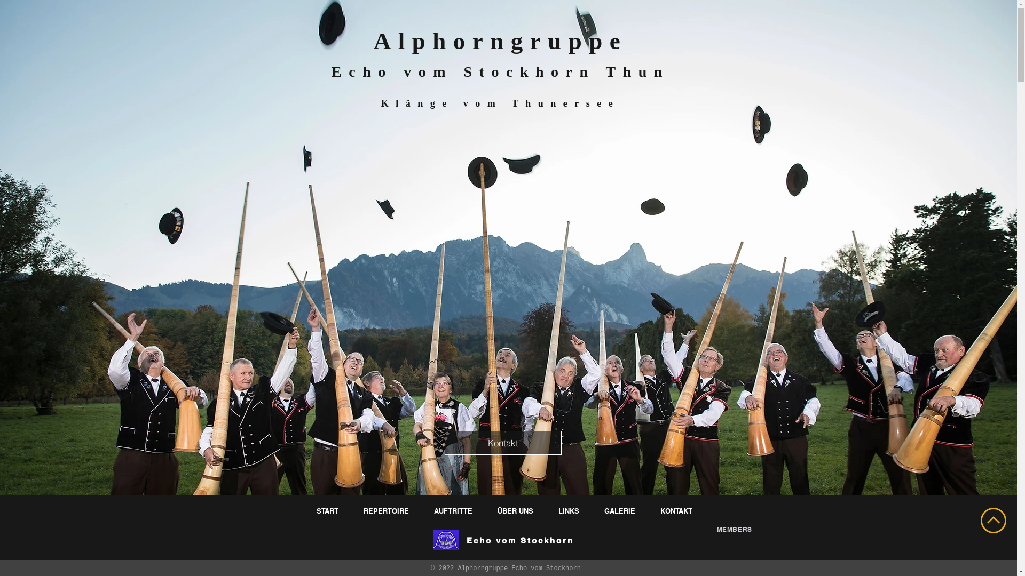 Image resolution: width=1025 pixels, height=576 pixels. Describe the element at coordinates (620, 510) in the screenshot. I see `'GALERIE'` at that location.